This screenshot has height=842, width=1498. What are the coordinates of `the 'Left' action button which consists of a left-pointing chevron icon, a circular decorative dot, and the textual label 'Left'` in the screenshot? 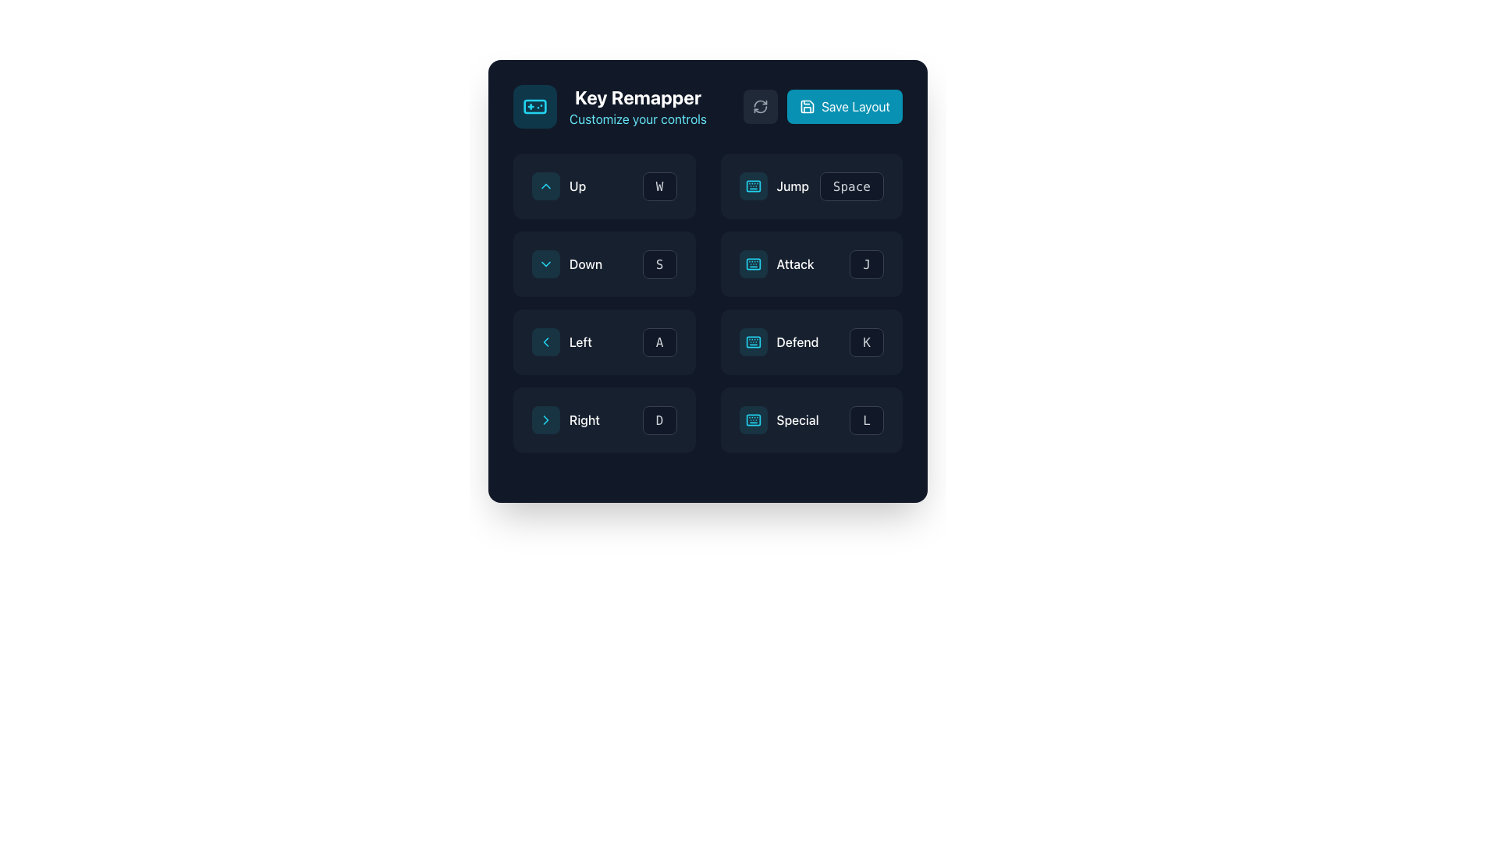 It's located at (562, 341).